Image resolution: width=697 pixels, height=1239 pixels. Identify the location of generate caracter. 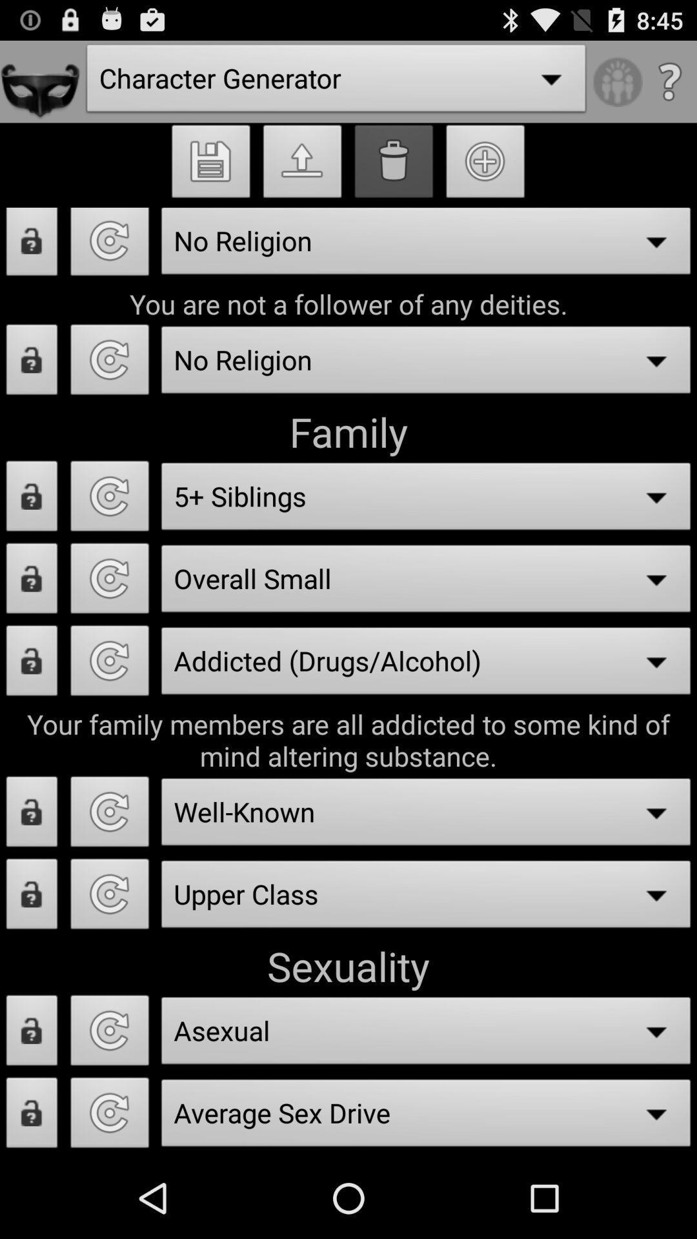
(109, 1034).